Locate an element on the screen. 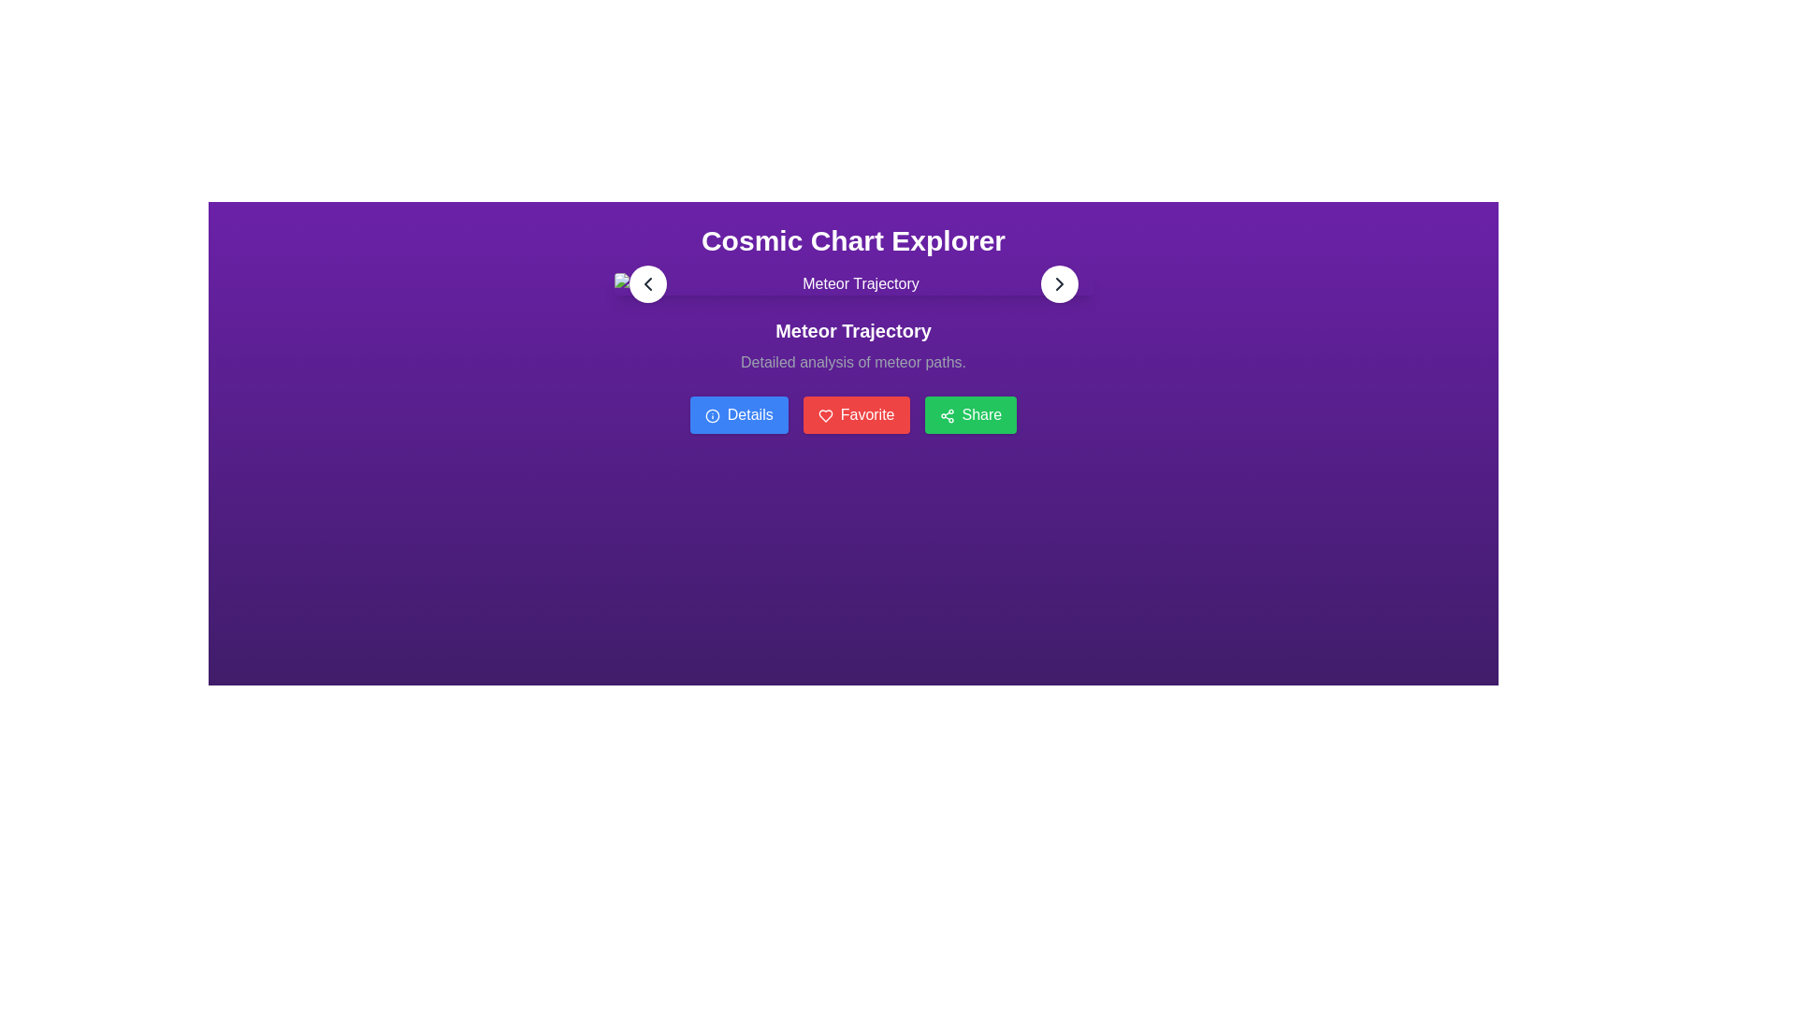  the circular button with a white background and a dark arrow pointing to the right is located at coordinates (1059, 284).